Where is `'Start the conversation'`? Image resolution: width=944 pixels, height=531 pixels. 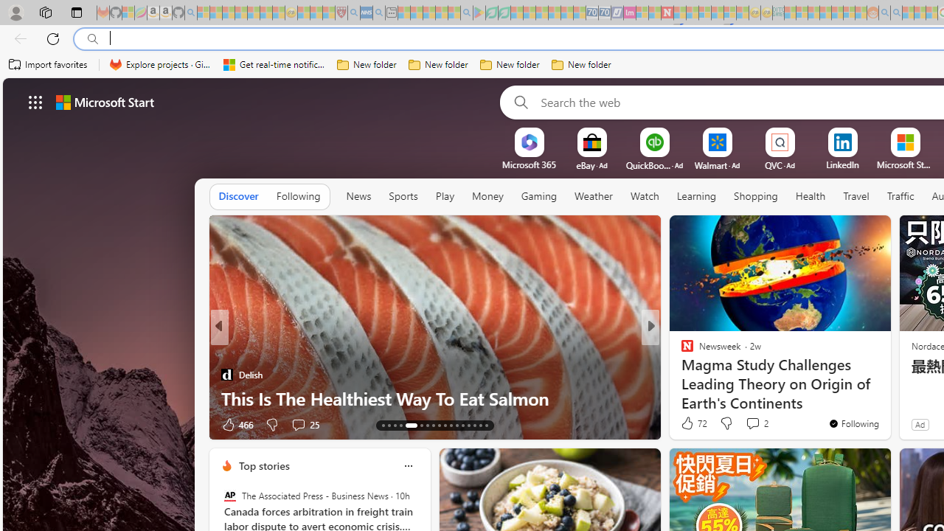 'Start the conversation' is located at coordinates (748, 424).